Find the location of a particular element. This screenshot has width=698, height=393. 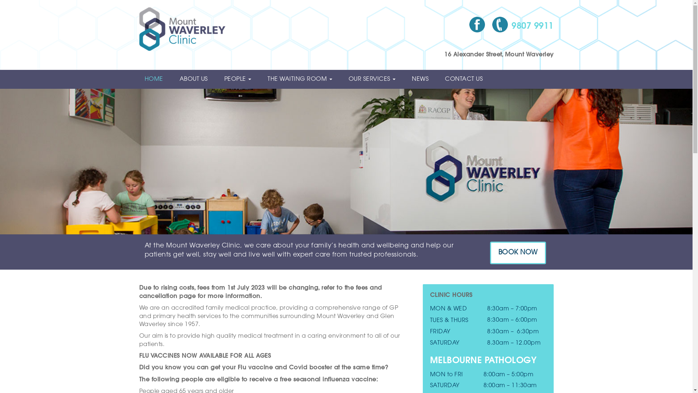

'THE WAITING ROOM' is located at coordinates (302, 79).